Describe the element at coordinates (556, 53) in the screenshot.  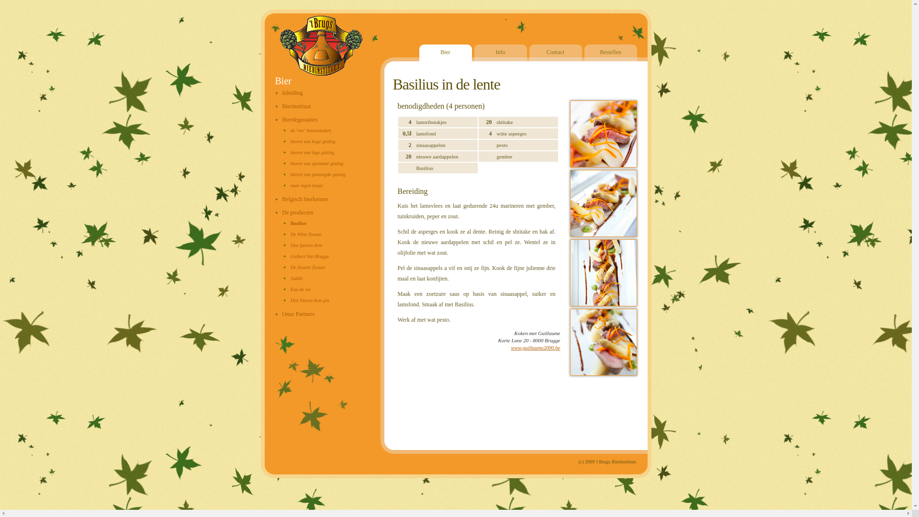
I see `'Contact'` at that location.